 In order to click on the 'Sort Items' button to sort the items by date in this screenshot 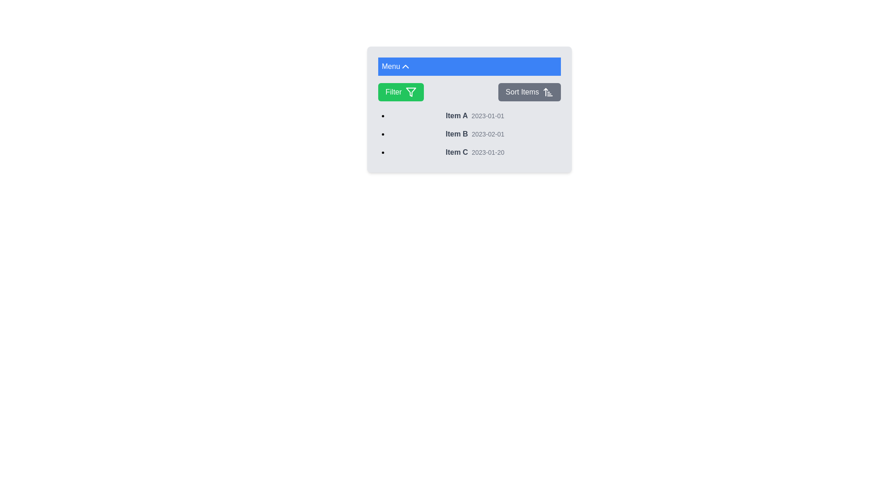, I will do `click(529, 92)`.